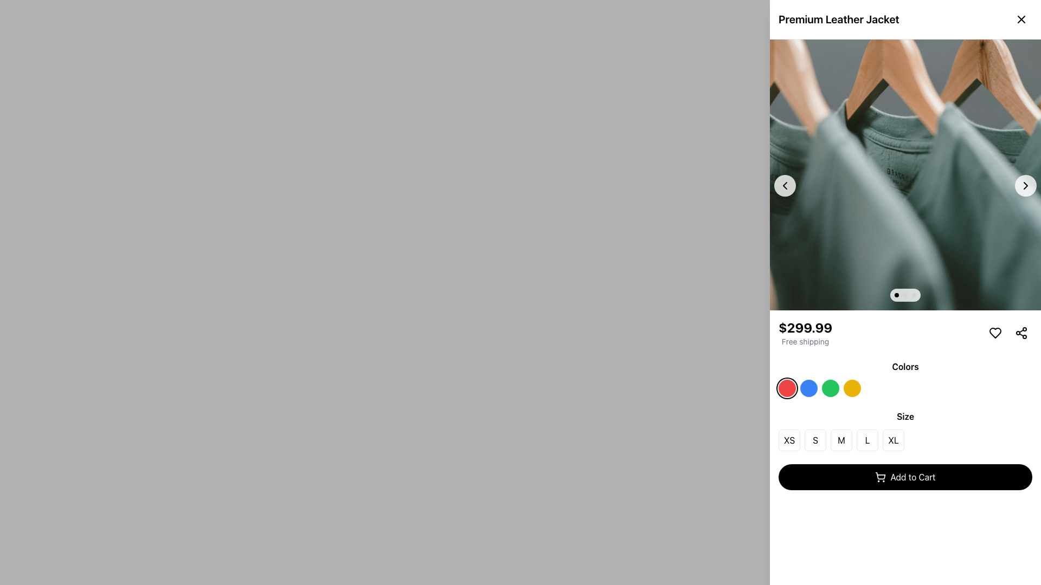 This screenshot has width=1041, height=585. I want to click on the circular button with a black outline containing a share icon, so click(1020, 332).